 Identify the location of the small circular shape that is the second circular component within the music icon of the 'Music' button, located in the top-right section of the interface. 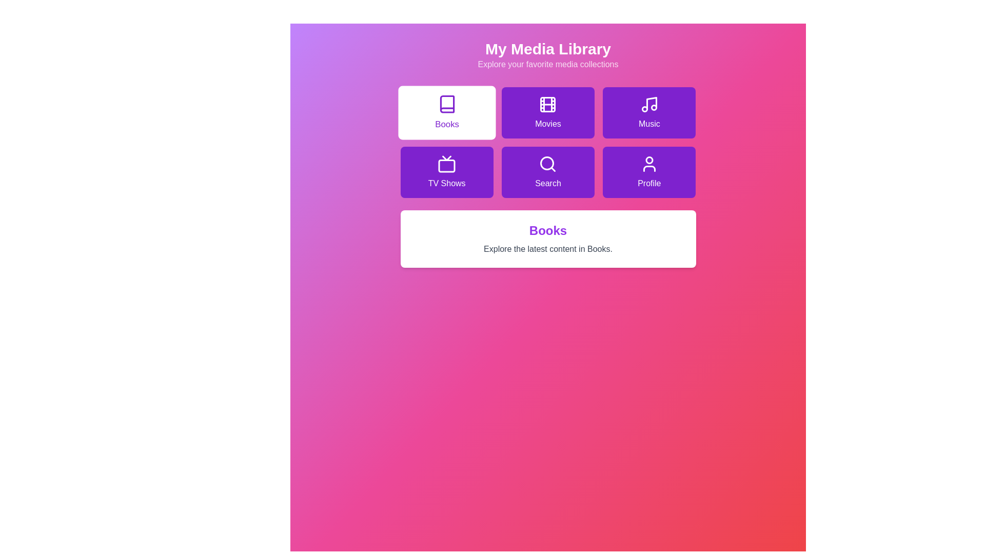
(653, 107).